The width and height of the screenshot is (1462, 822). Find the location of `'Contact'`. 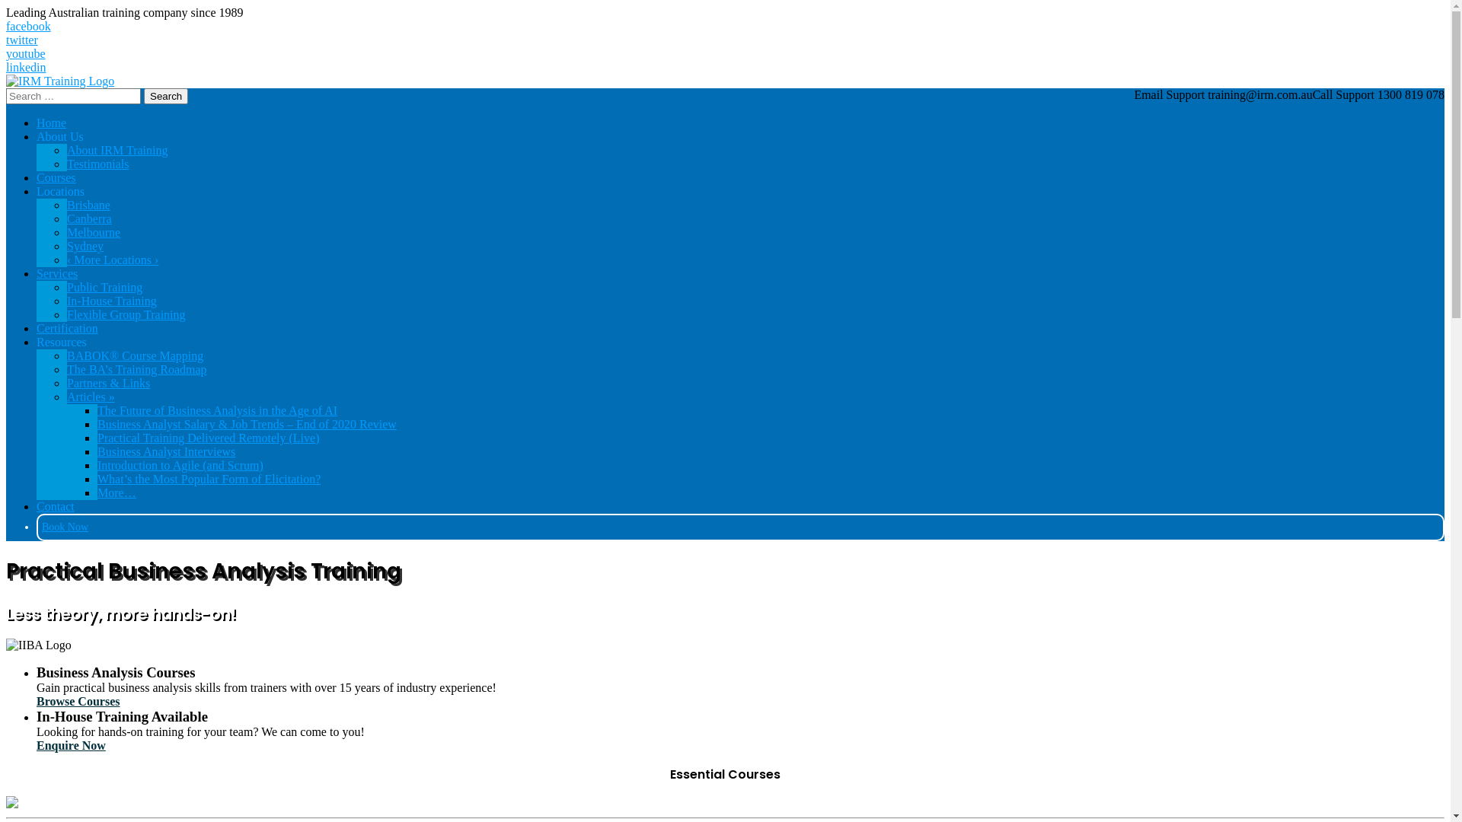

'Contact' is located at coordinates (55, 506).